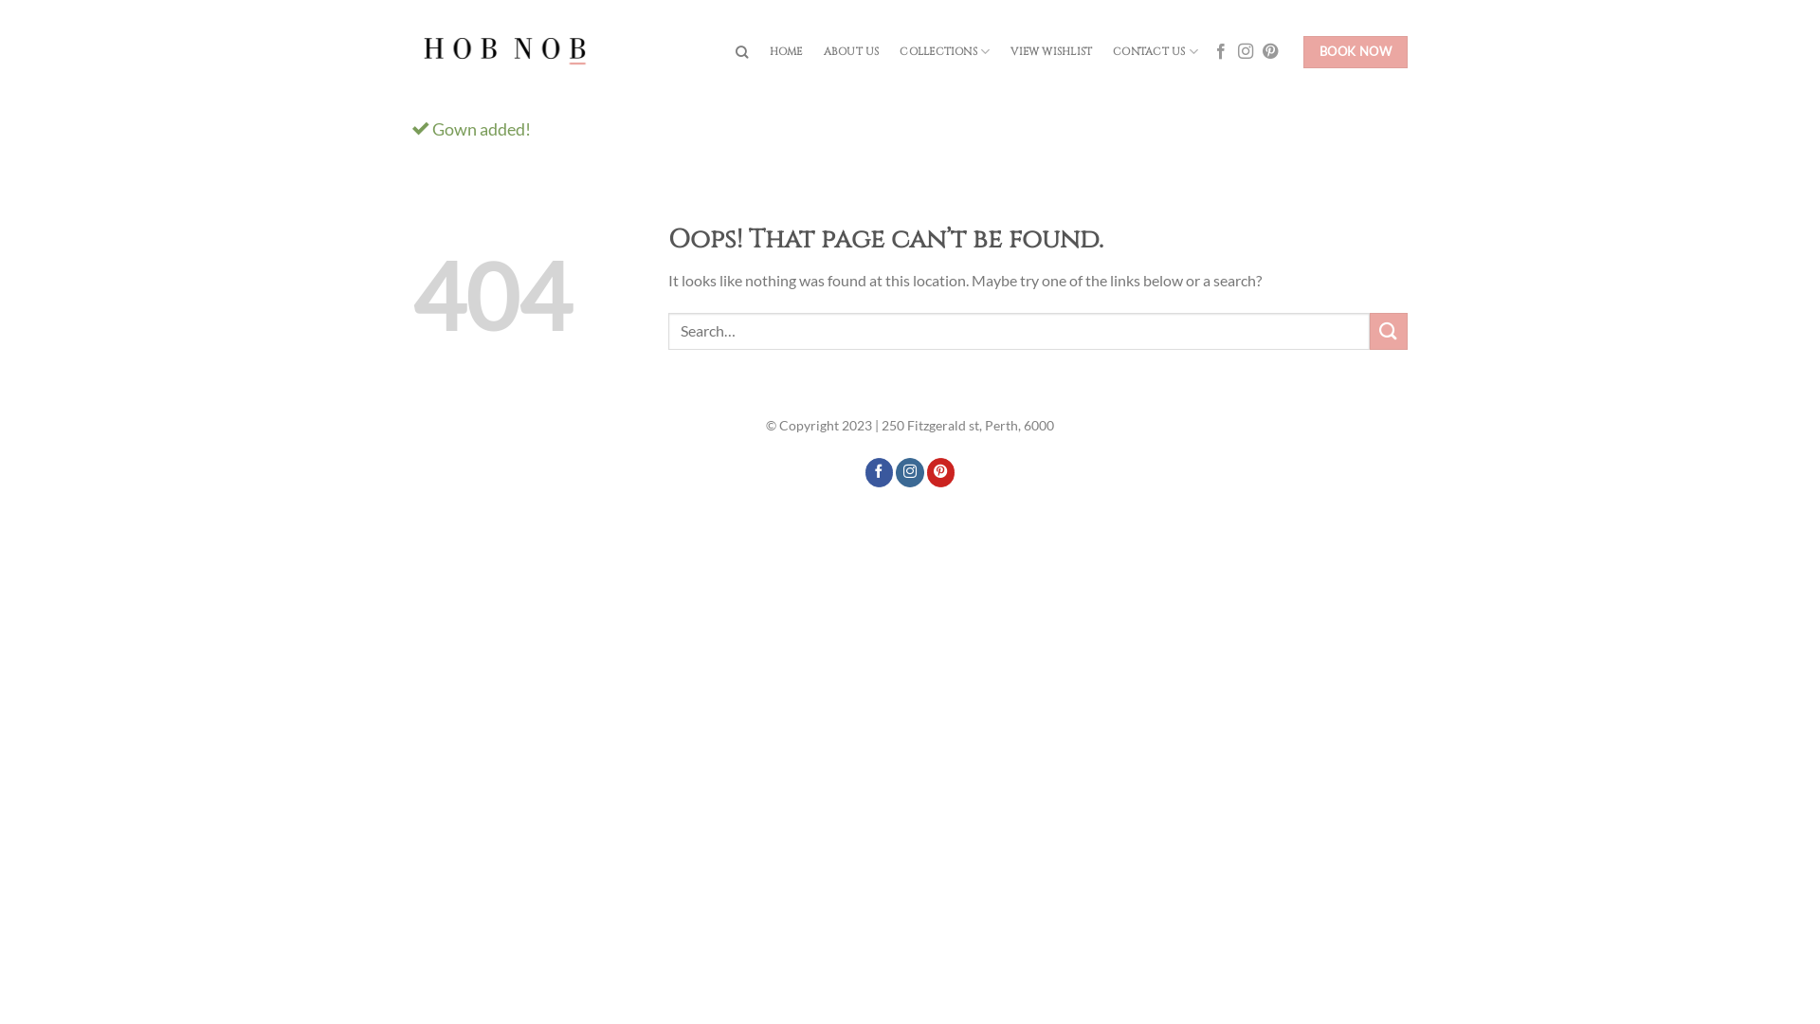  I want to click on 'HOME', so click(786, 50).